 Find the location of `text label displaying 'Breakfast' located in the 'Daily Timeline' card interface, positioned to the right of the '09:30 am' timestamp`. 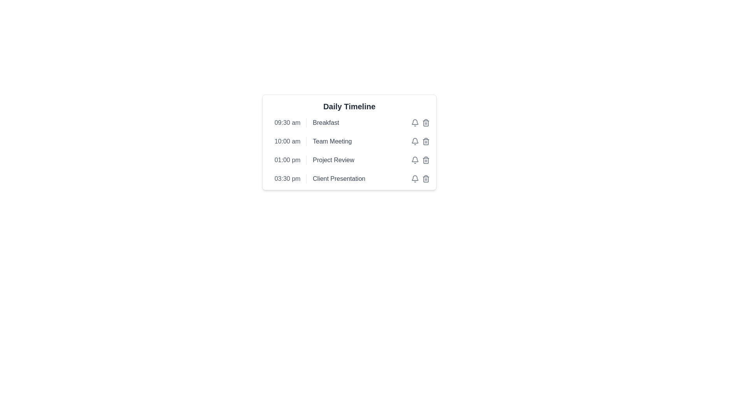

text label displaying 'Breakfast' located in the 'Daily Timeline' card interface, positioned to the right of the '09:30 am' timestamp is located at coordinates (326, 122).